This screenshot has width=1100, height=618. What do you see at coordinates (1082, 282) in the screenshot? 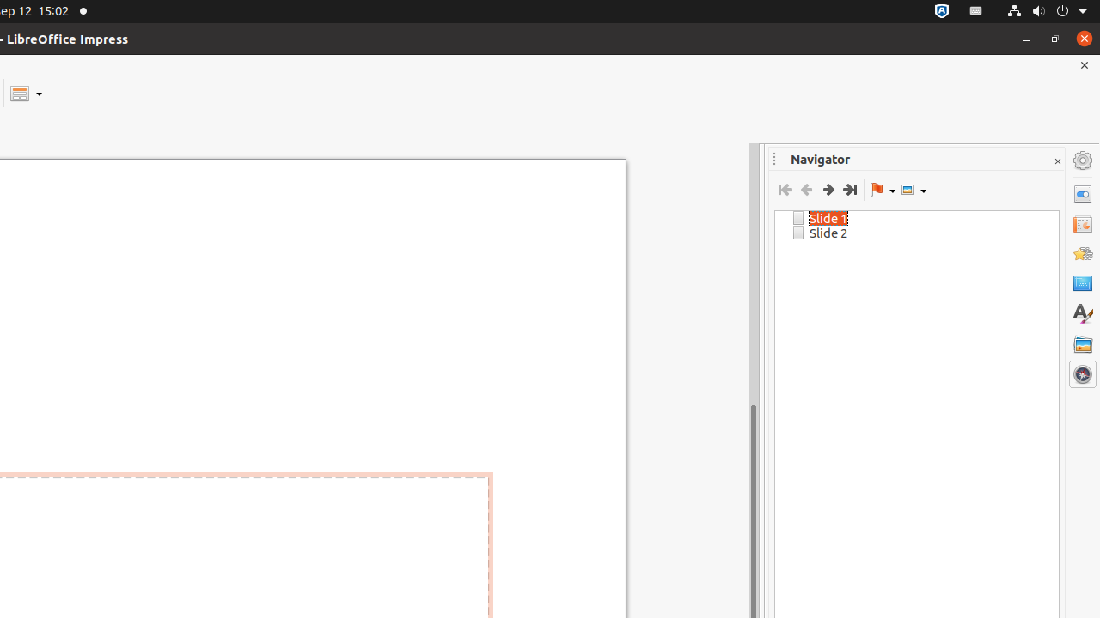
I see `'Master Slides'` at bounding box center [1082, 282].